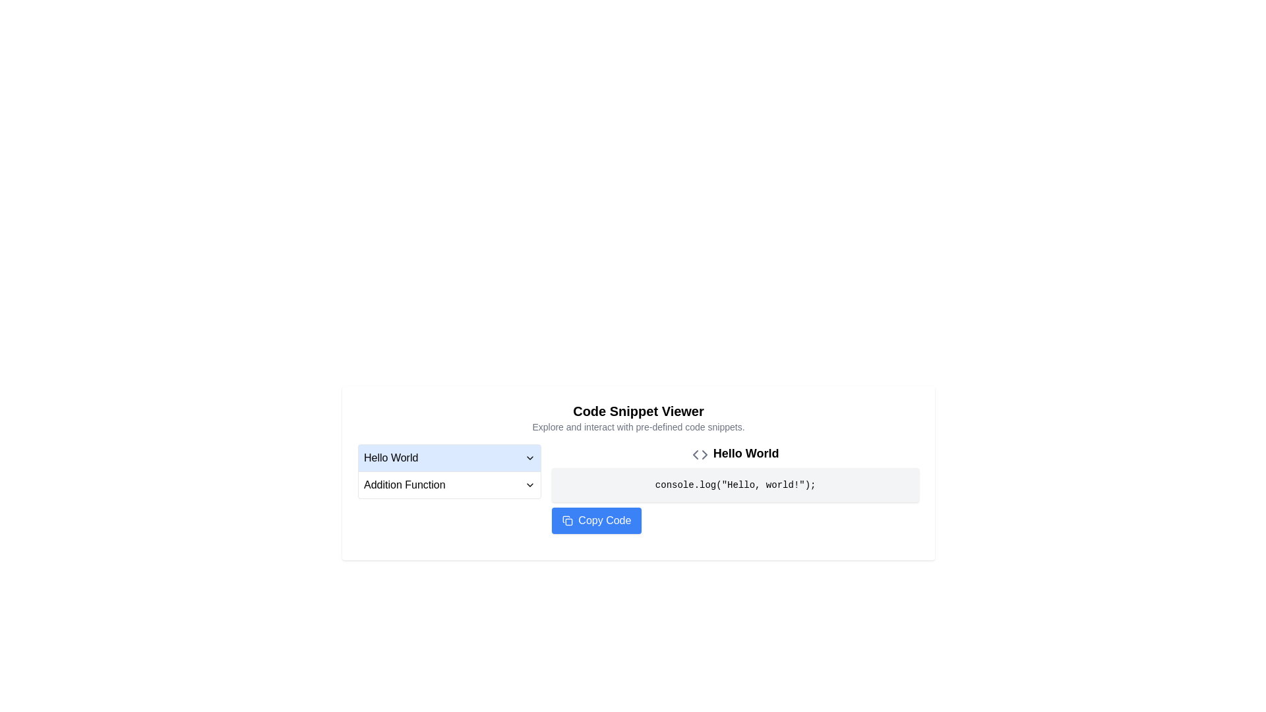 The height and width of the screenshot is (712, 1266). What do you see at coordinates (530, 457) in the screenshot?
I see `the Chevron icon located in the upper-right corner of the 'Hello World' button` at bounding box center [530, 457].